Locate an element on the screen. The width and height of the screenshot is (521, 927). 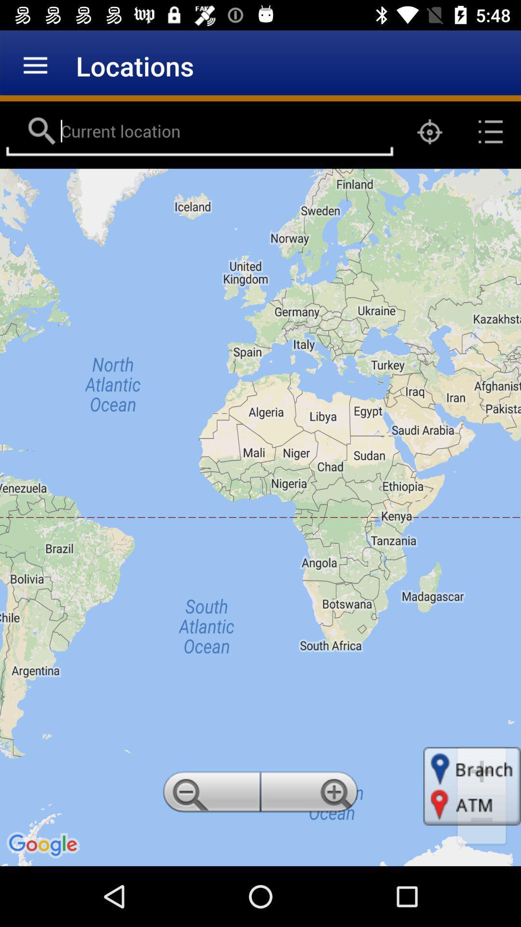
the location_crosshair icon is located at coordinates (429, 131).